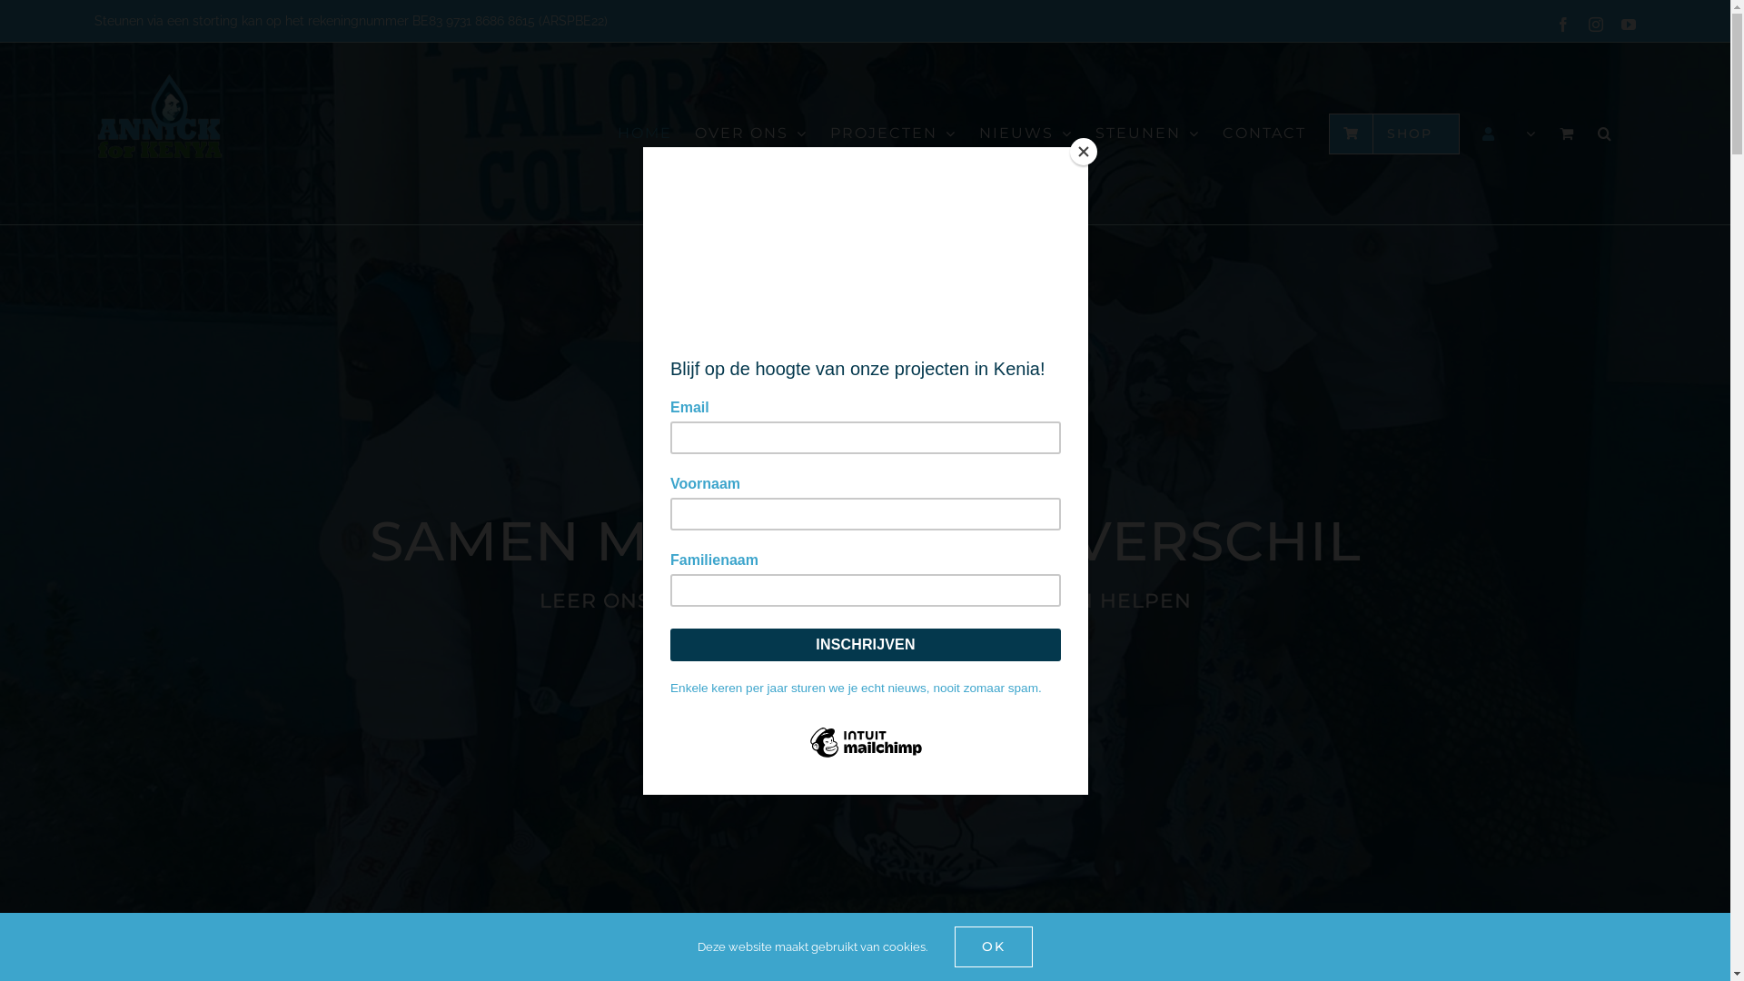 The width and height of the screenshot is (1744, 981). What do you see at coordinates (1026, 132) in the screenshot?
I see `'NIEUWS'` at bounding box center [1026, 132].